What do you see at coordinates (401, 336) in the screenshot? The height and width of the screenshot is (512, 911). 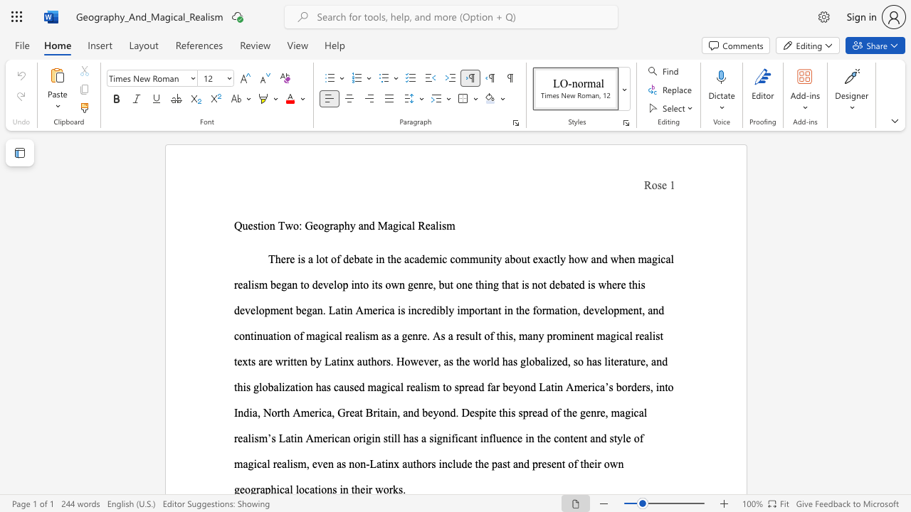 I see `the subset text "genre. As a result of this, many prominent magical realist texts are written by Latinx autho" within the text "There is a lot of debate in the academic community about exactly how and when magical realism began to develop into its own genre, but one thing that is not debated is where this development began. Latin America is incredibly important in the formation, development, and continuation of magical realism as a genre. As a result of this, many prominent magical realist texts are written by Latinx authors. However, as the world has globalized, so has literature, and this globalization has caused magical realism to spread far beyond Latin America’s borders, into India, North America, Great Britain, and beyond. Despite this spread of the genre, magical realism’s Latin American origin still has a"` at bounding box center [401, 336].